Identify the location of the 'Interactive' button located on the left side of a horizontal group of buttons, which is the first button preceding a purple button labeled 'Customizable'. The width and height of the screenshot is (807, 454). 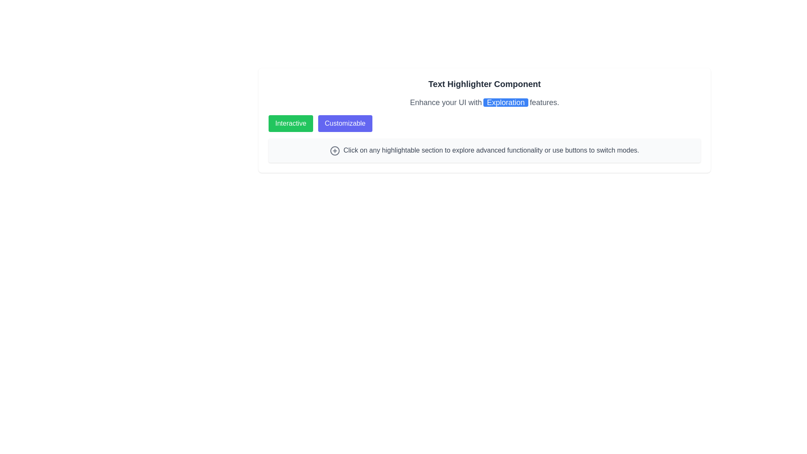
(290, 123).